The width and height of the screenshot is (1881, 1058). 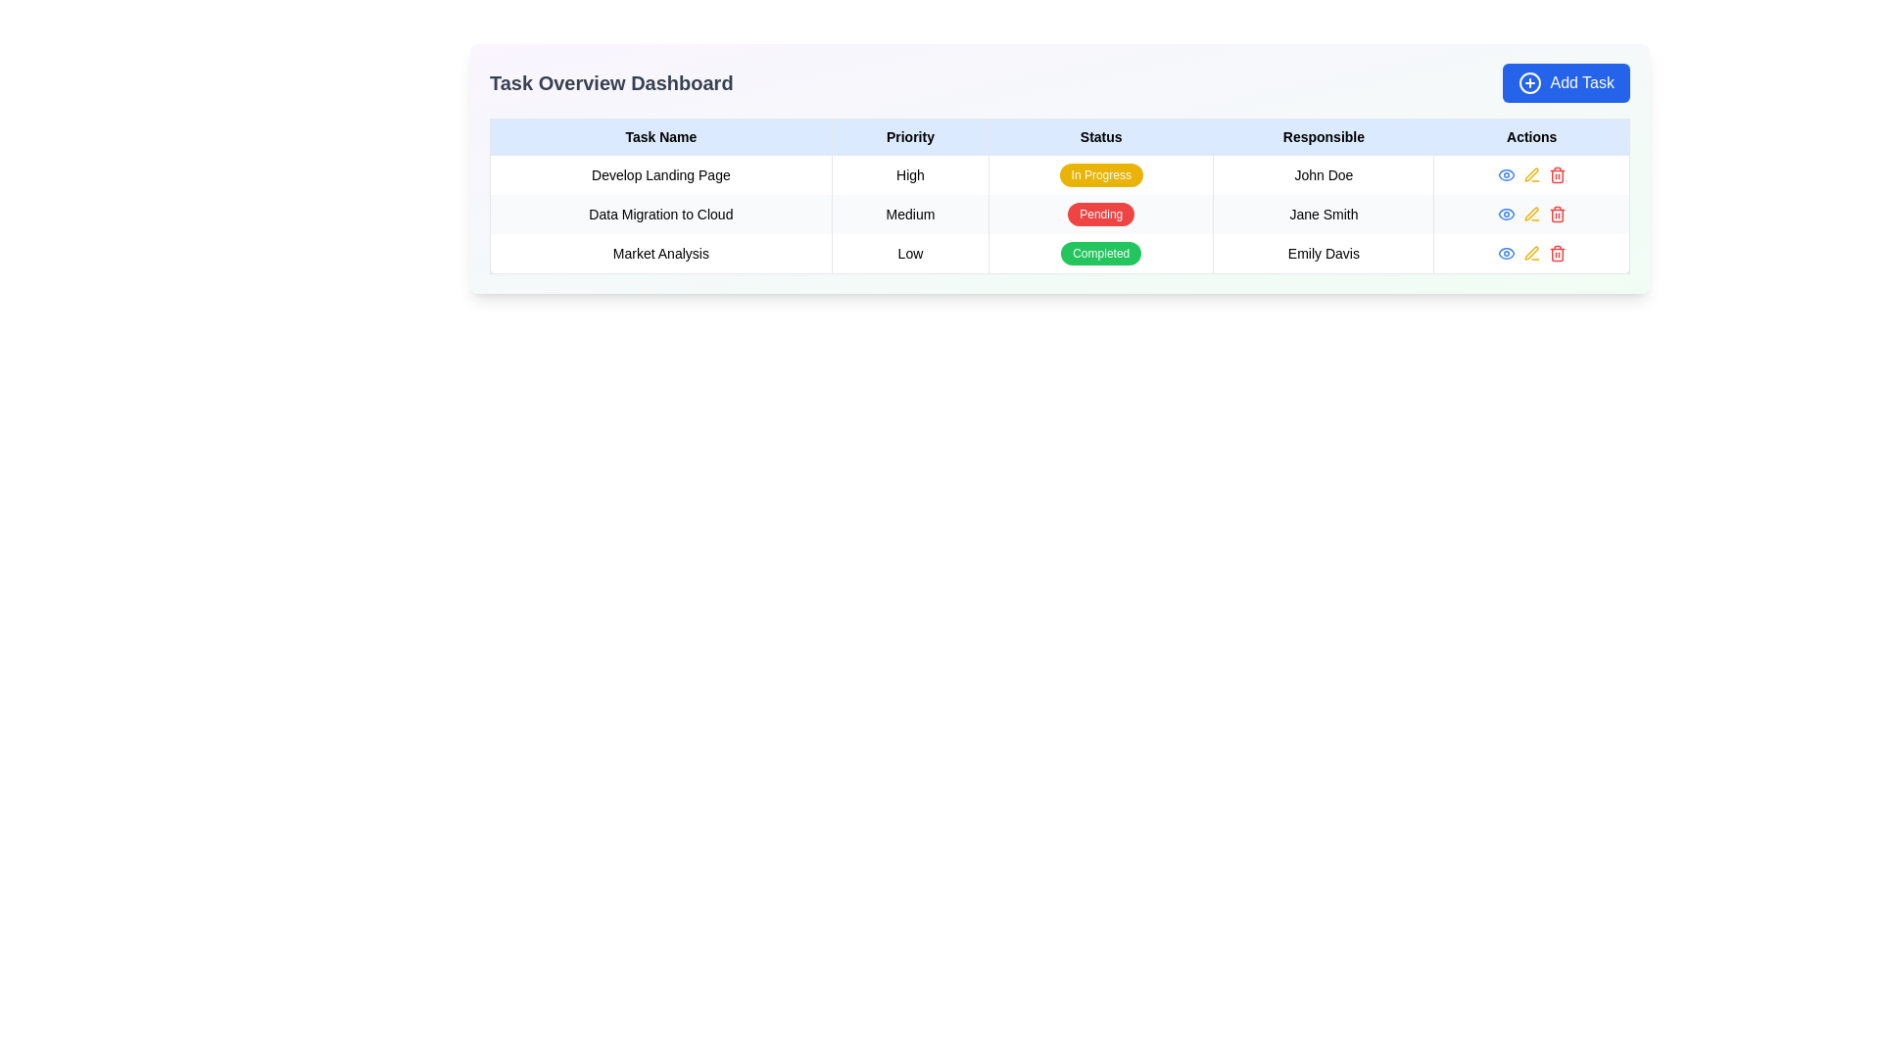 What do you see at coordinates (1058, 252) in the screenshot?
I see `the status column of the third row in the task table, which displays 'Completed' with a green background` at bounding box center [1058, 252].